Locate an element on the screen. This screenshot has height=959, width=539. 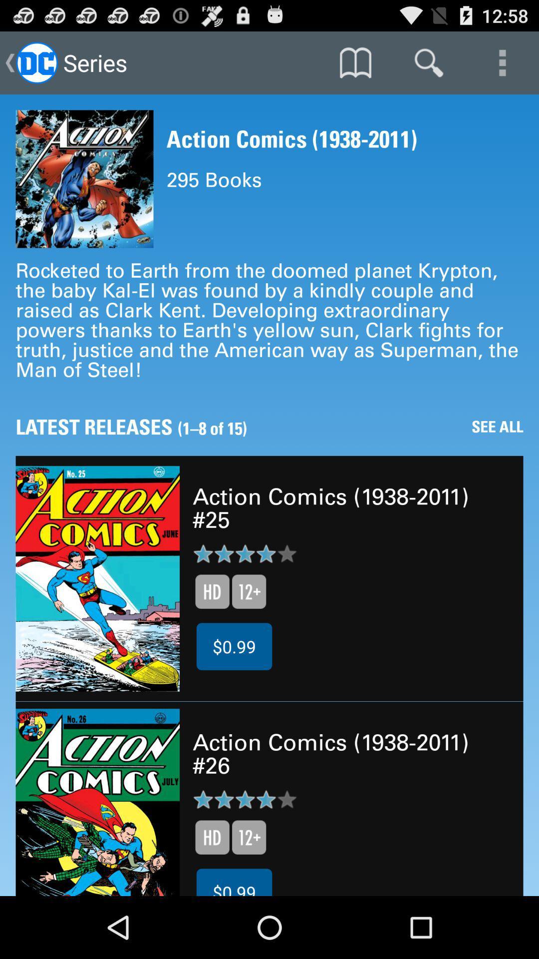
the three dots button on the top right corner of the web page is located at coordinates (502, 62).